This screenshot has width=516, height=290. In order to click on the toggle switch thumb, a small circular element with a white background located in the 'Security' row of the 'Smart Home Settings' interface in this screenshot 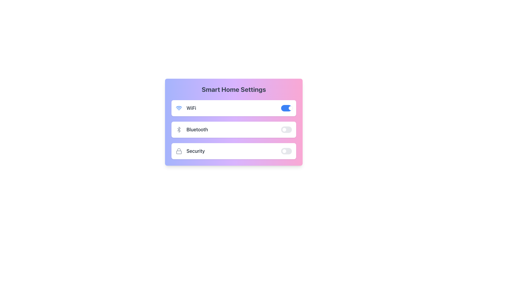, I will do `click(284, 151)`.